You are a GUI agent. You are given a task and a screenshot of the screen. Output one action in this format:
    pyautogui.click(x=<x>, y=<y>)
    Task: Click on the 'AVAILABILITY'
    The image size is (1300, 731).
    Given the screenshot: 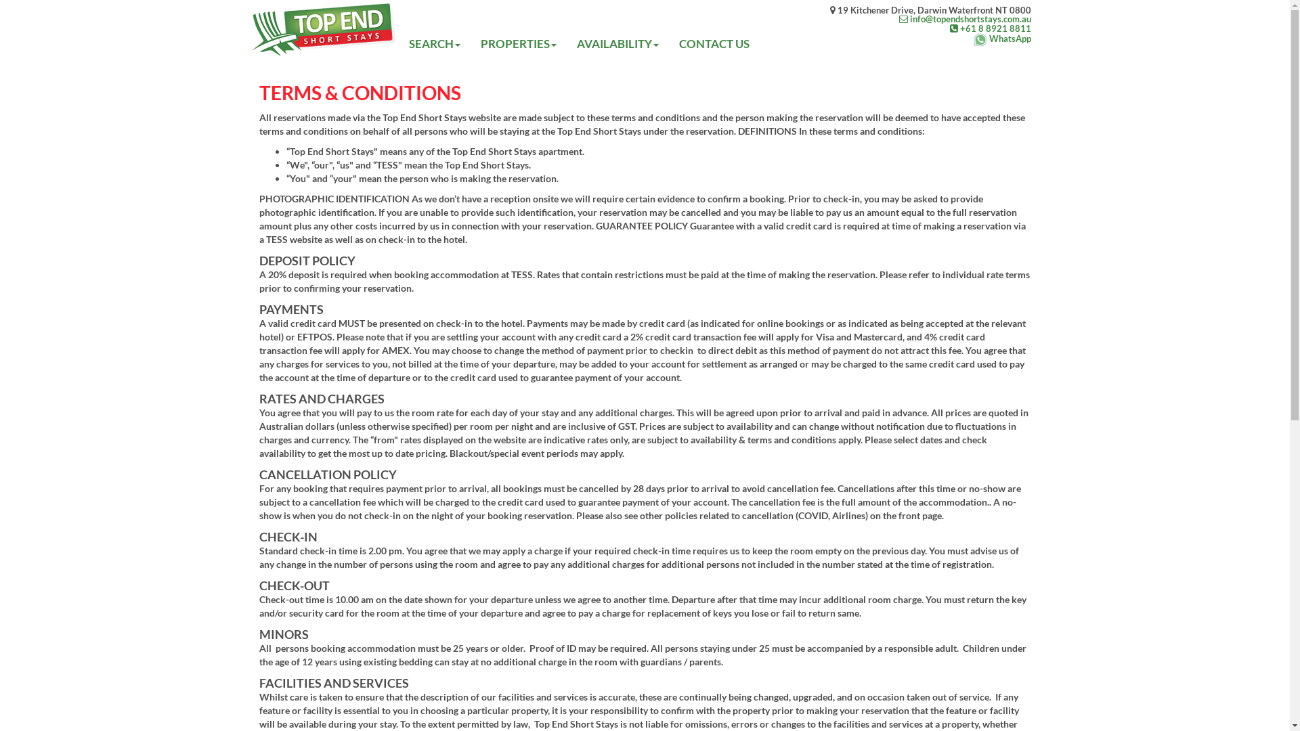 What is the action you would take?
    pyautogui.click(x=617, y=43)
    